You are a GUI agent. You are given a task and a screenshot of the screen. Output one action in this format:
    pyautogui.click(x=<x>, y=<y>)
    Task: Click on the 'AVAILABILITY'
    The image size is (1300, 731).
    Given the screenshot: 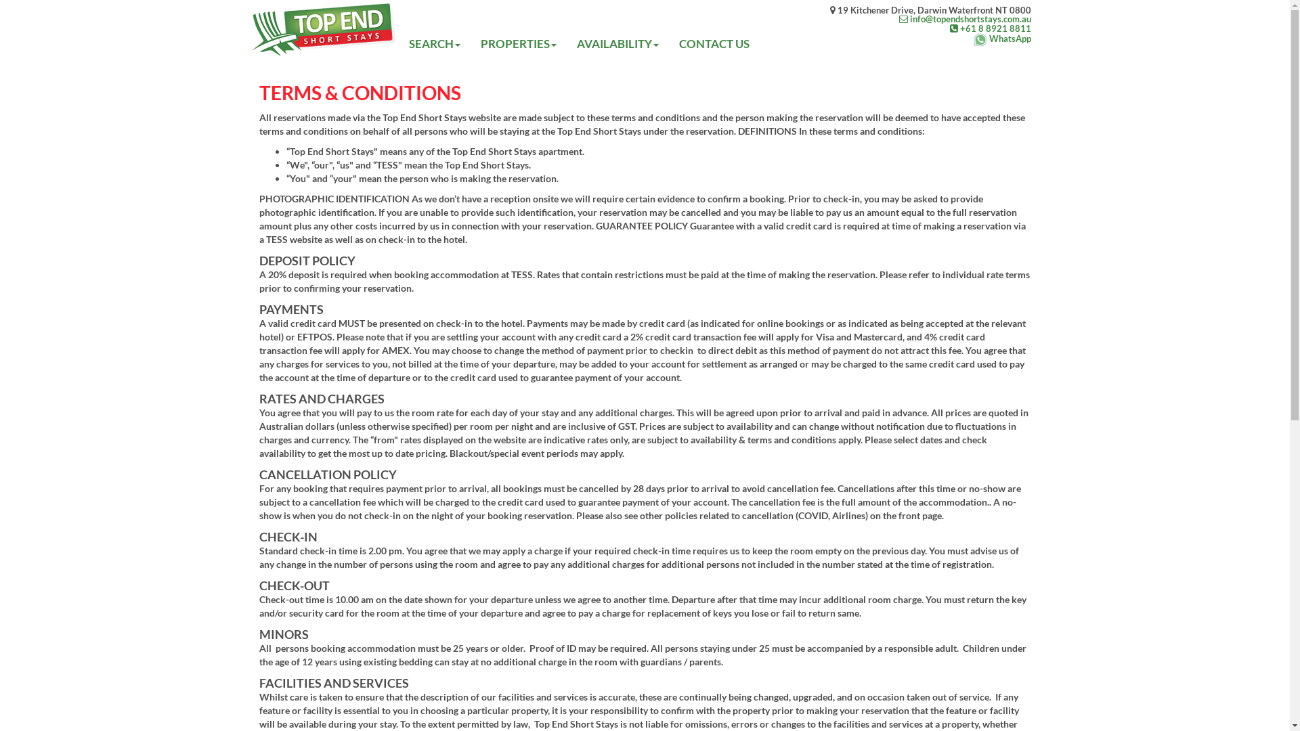 What is the action you would take?
    pyautogui.click(x=617, y=43)
    